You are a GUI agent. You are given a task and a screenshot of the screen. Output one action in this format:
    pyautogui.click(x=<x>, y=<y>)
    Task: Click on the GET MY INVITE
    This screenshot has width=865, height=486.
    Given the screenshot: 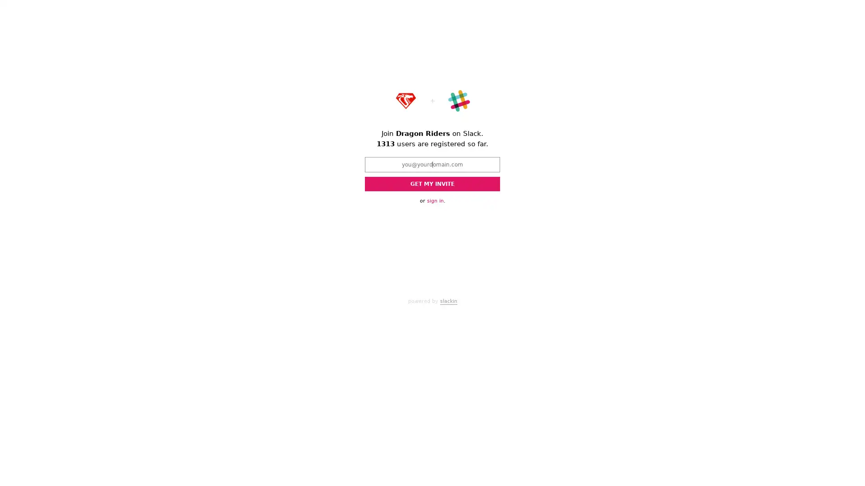 What is the action you would take?
    pyautogui.click(x=432, y=183)
    